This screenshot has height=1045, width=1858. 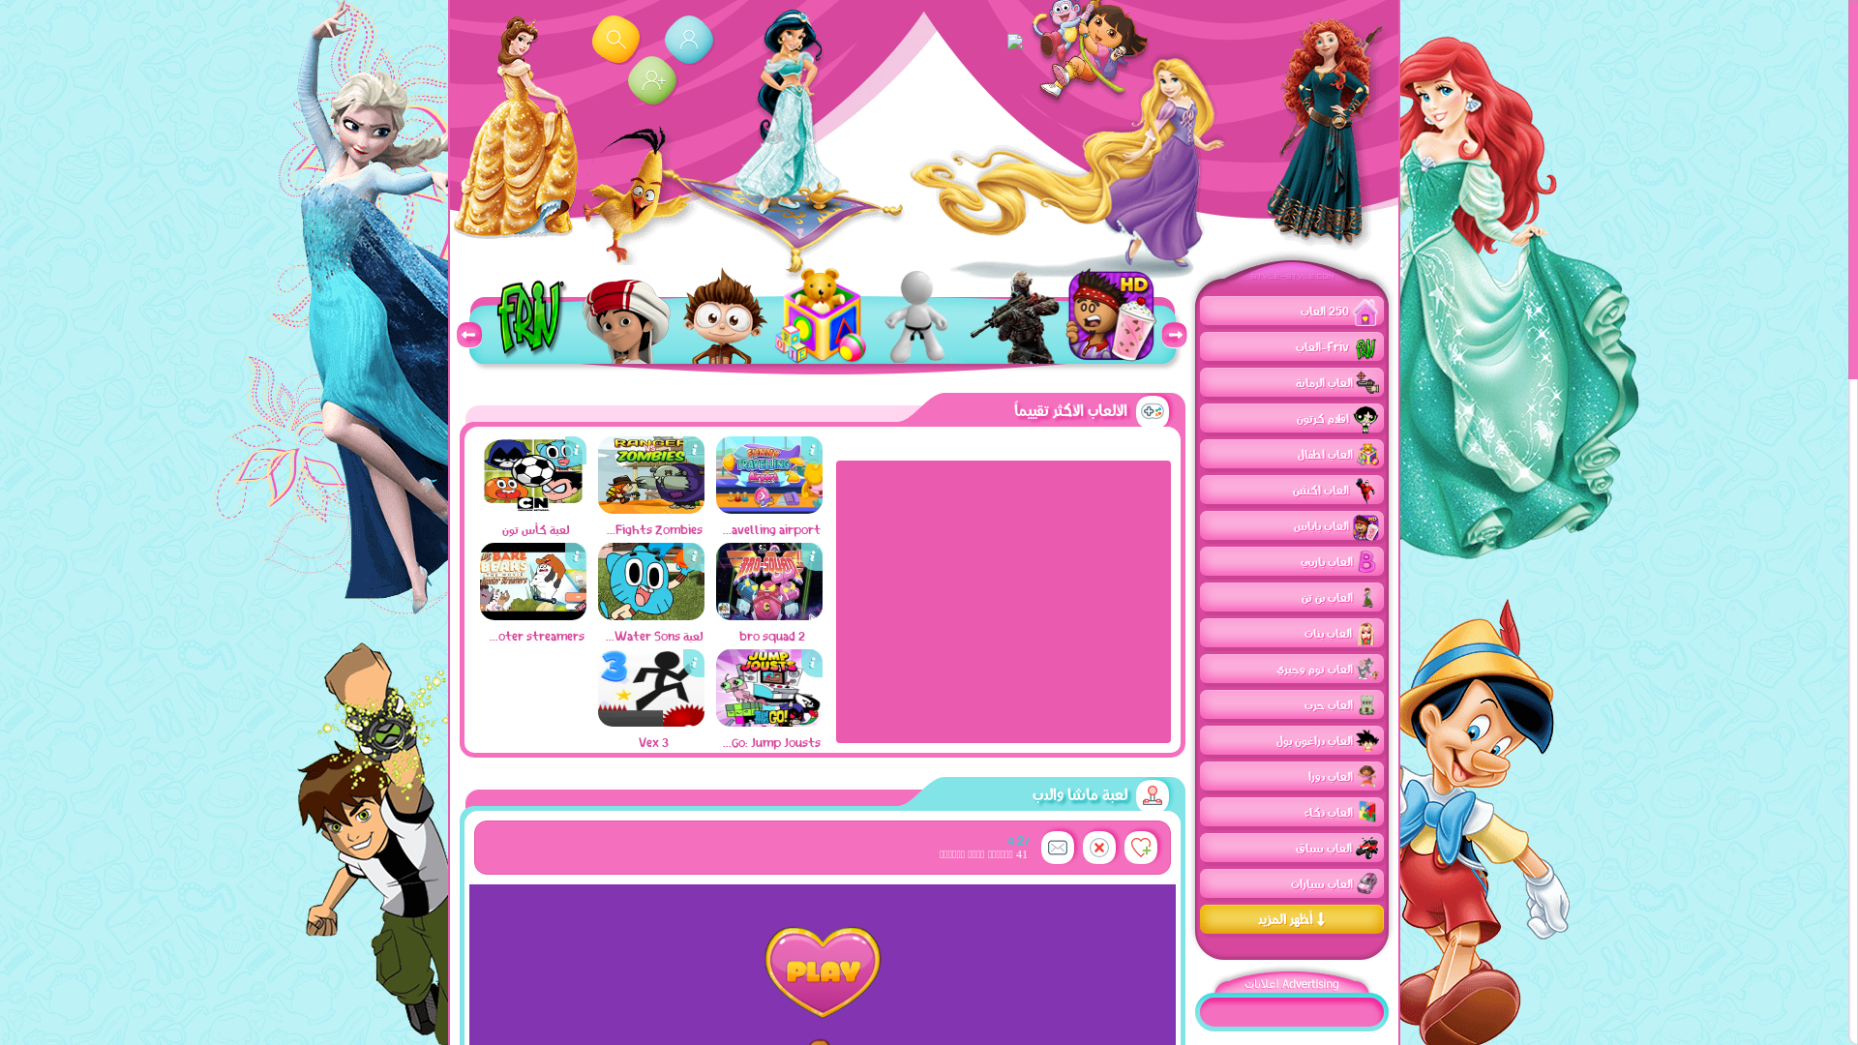 I want to click on 'Teen Titans Go: Jump Jousts', so click(x=714, y=721).